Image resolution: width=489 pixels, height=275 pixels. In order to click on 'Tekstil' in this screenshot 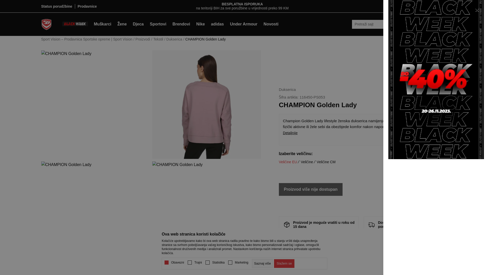, I will do `click(158, 39)`.